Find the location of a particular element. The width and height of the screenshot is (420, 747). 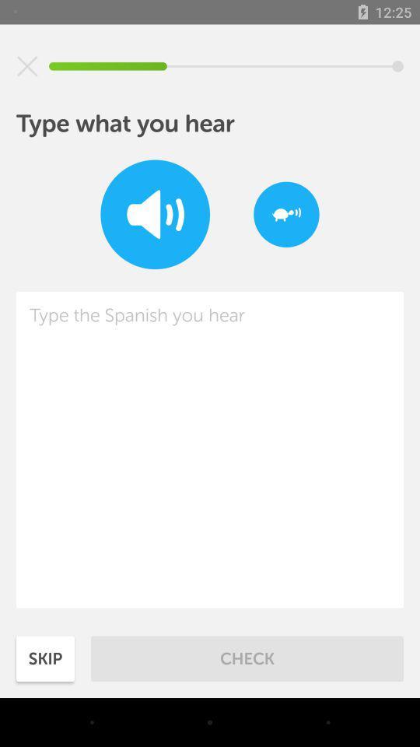

listen is located at coordinates (155, 213).